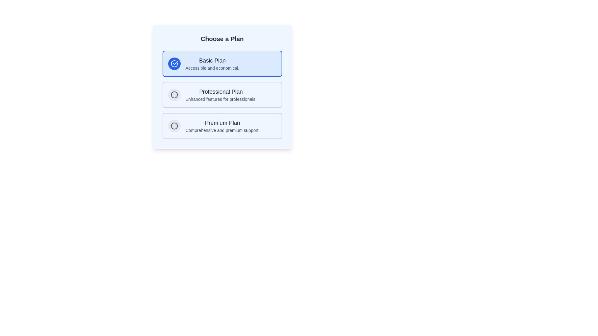 This screenshot has width=598, height=336. I want to click on the area surrounding the 'Professional Plan' descriptive label to interact with related components, so click(221, 99).